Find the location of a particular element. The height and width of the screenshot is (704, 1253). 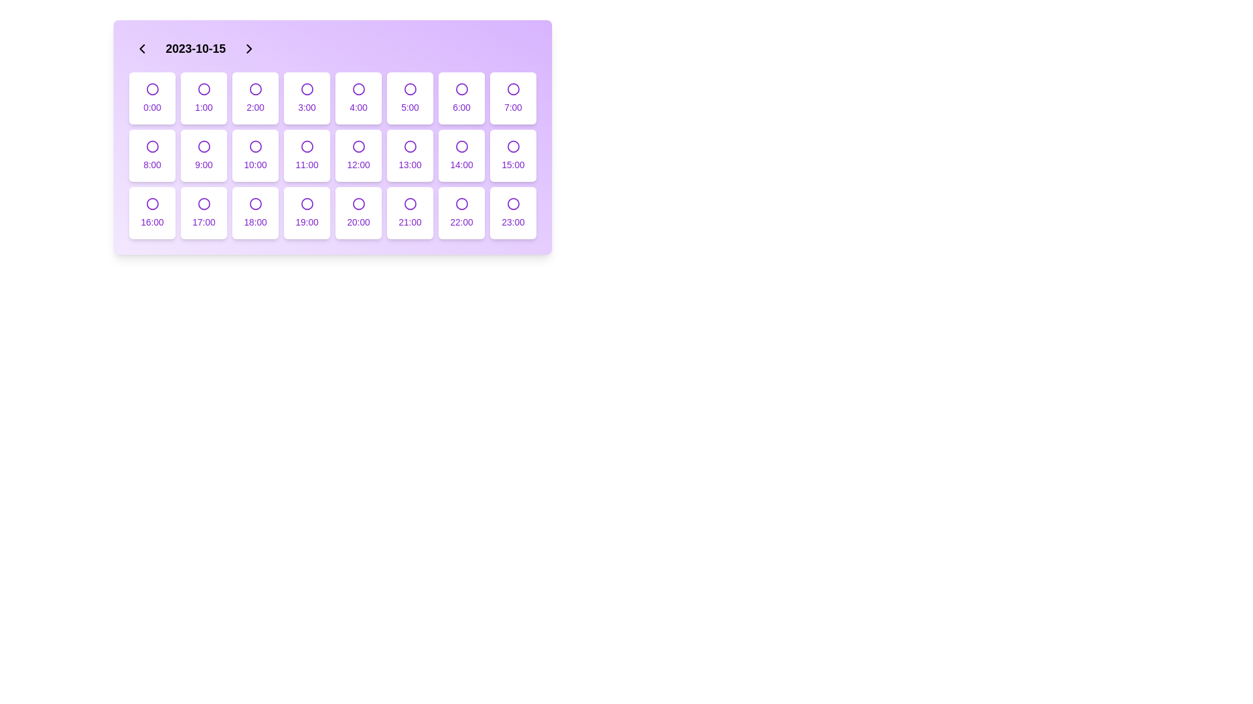

the button that displays the time '4:00' in the first row and fifth column of the calendar-like interface is located at coordinates (358, 97).